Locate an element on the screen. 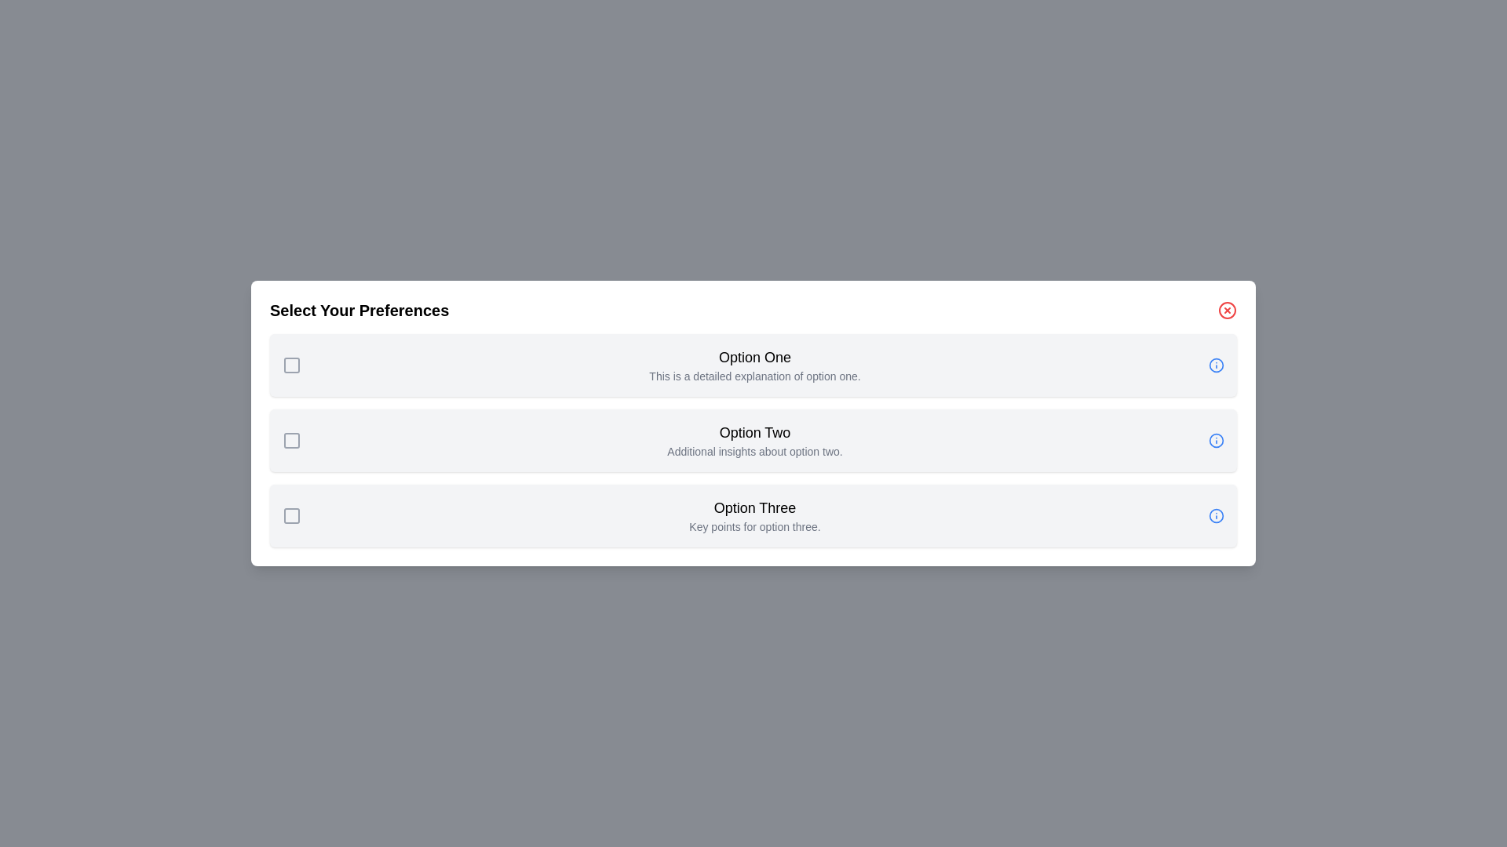 The height and width of the screenshot is (847, 1507). the Text Label that serves as the header for 'Option Two', located above 'Additional insights about option two' is located at coordinates (754, 432).